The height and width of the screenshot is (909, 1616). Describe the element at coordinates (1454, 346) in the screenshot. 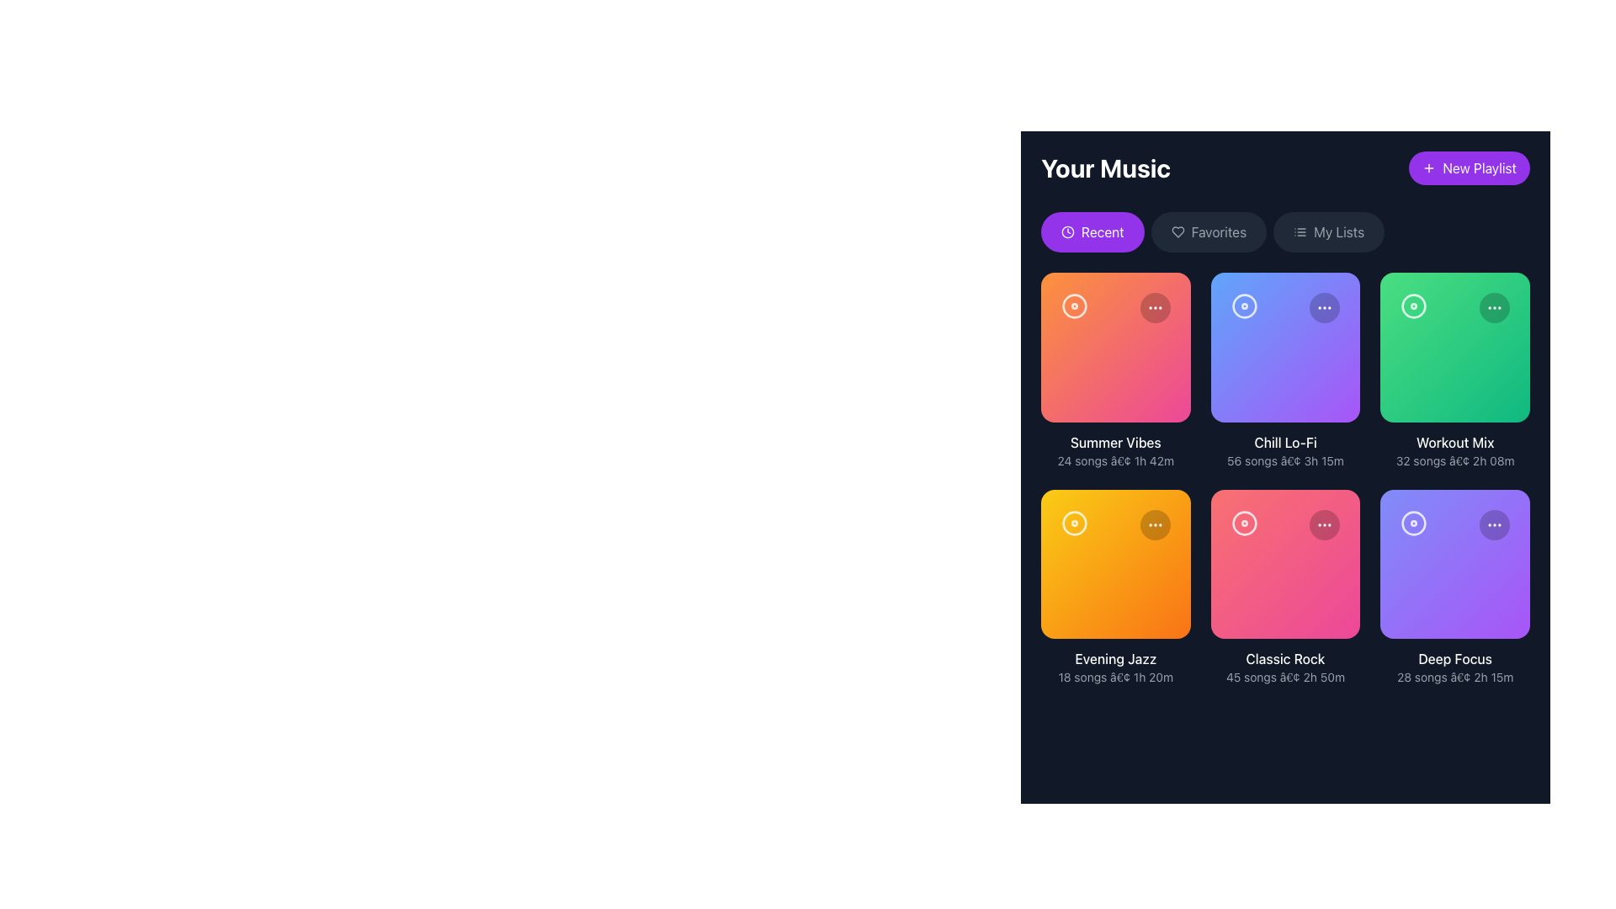

I see `the third card element` at that location.